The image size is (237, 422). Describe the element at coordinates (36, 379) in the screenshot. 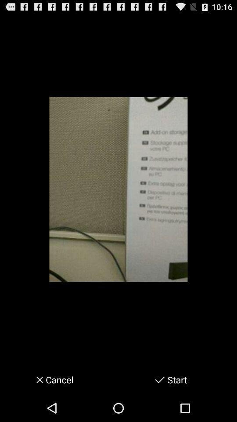

I see `cancel option` at that location.